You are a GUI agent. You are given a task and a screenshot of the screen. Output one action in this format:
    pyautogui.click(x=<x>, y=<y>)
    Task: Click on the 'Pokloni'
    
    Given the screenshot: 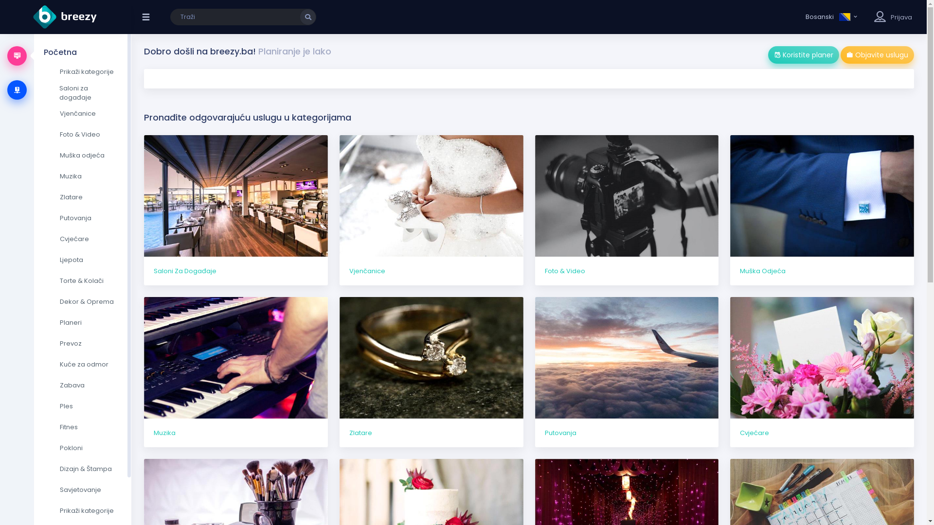 What is the action you would take?
    pyautogui.click(x=82, y=448)
    